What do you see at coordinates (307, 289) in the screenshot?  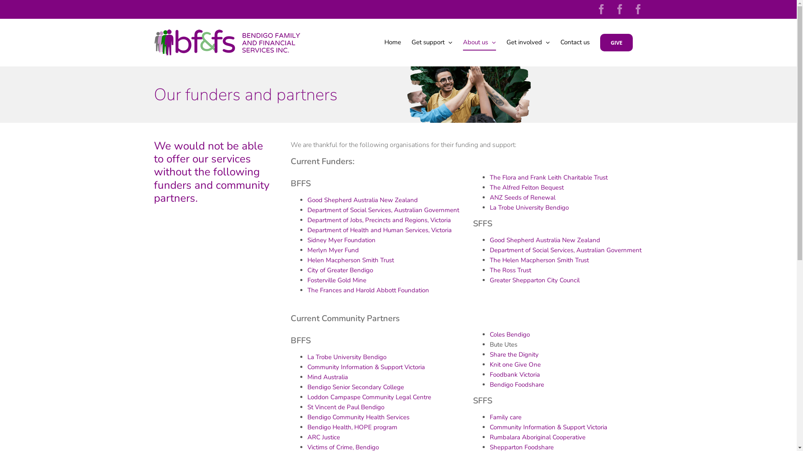 I see `'The Frances and Harold Abbott Foundation'` at bounding box center [307, 289].